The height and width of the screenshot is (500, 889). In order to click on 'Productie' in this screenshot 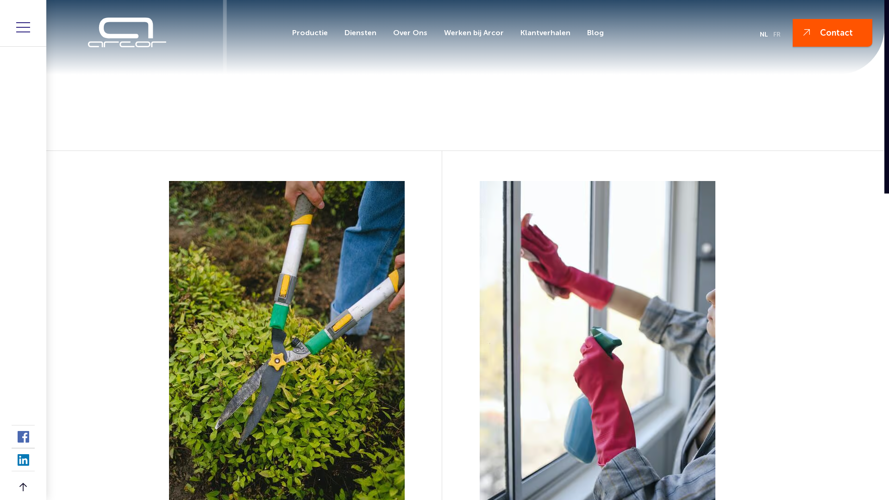, I will do `click(310, 32)`.